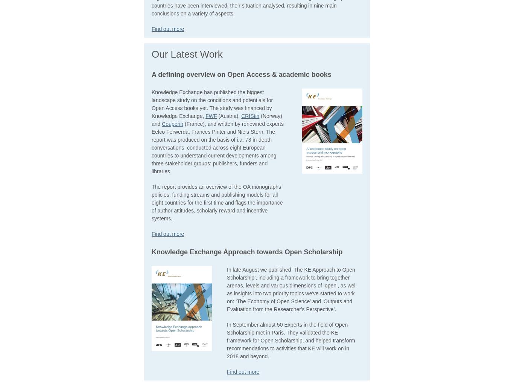  What do you see at coordinates (228, 116) in the screenshot?
I see `'(Austria),'` at bounding box center [228, 116].